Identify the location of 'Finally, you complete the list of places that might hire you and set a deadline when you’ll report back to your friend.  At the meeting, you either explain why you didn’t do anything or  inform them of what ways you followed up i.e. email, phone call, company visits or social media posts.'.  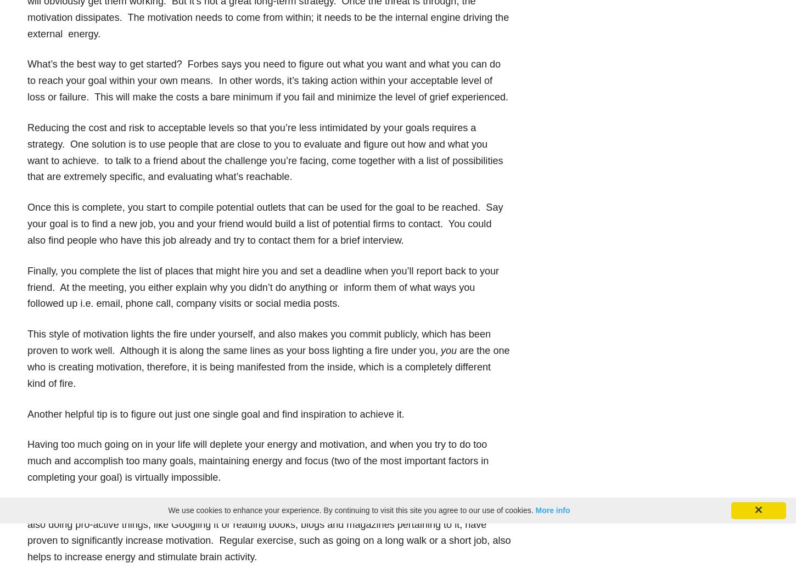
(262, 287).